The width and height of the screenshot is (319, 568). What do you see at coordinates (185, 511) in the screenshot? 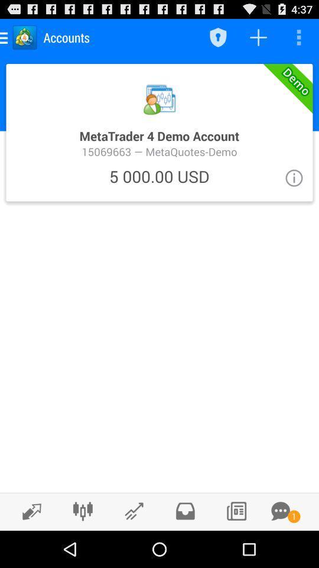
I see `file option` at bounding box center [185, 511].